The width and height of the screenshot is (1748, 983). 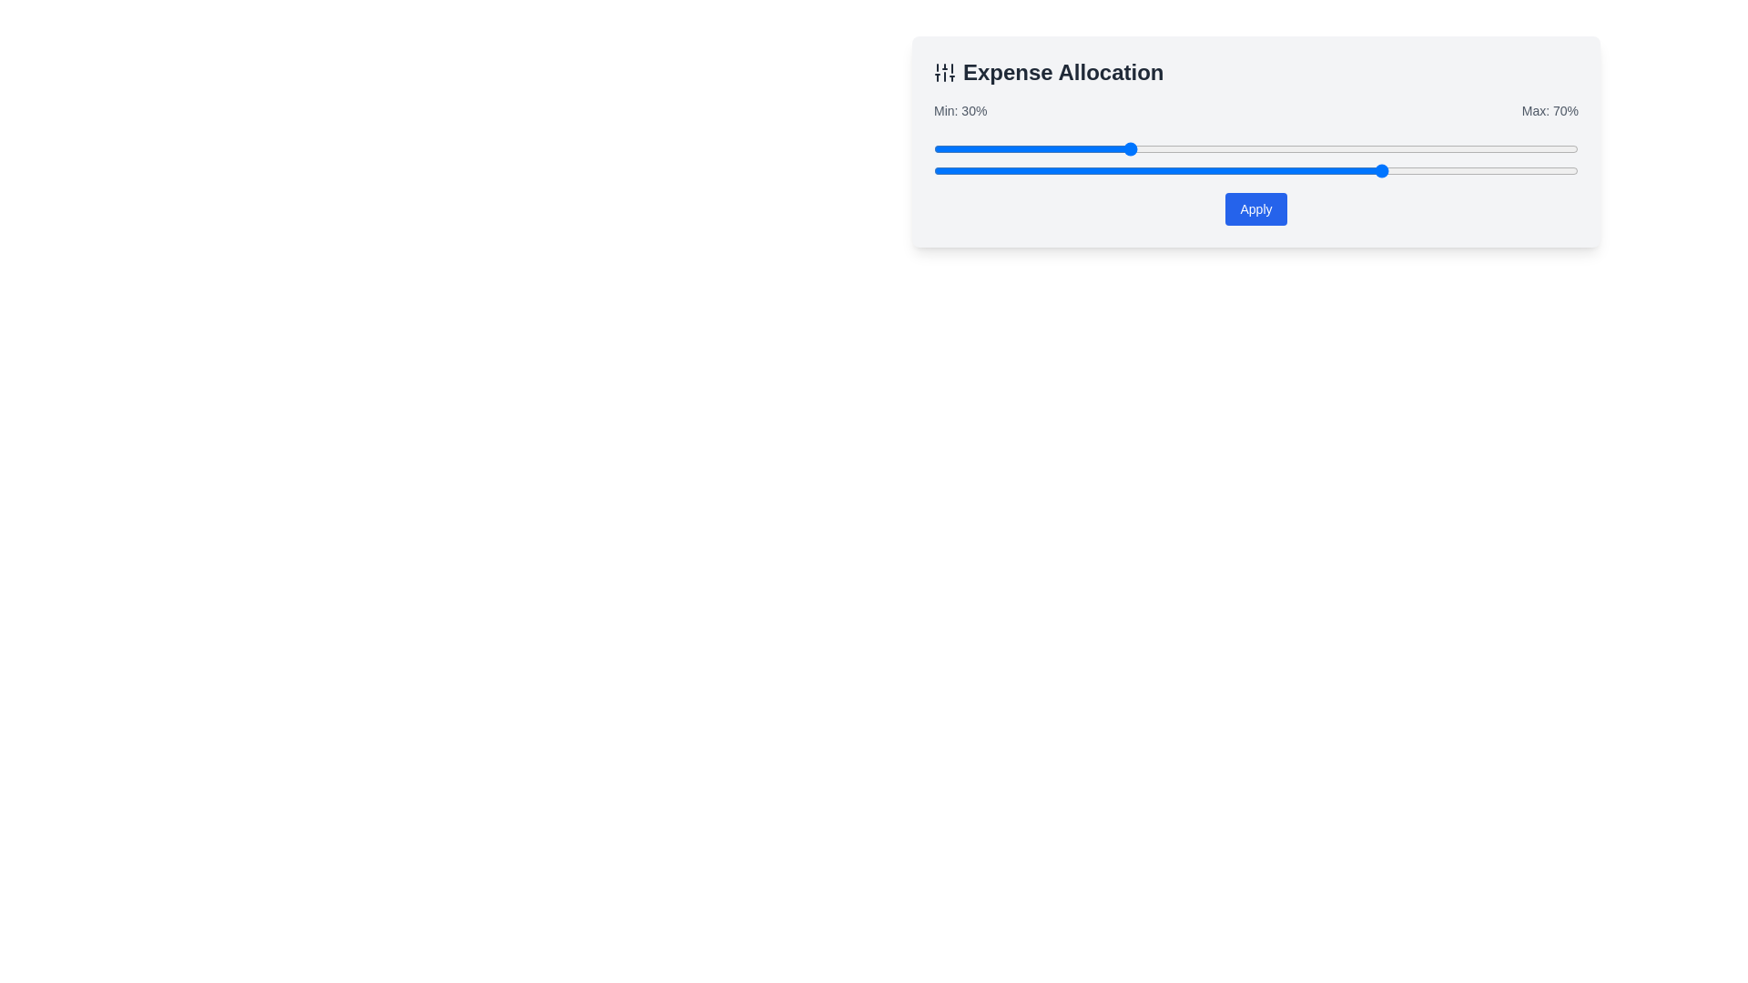 What do you see at coordinates (1255, 208) in the screenshot?
I see `the confirmation button located centrally beneath the two horizontal blue sliders to apply the changes made using the sliders` at bounding box center [1255, 208].